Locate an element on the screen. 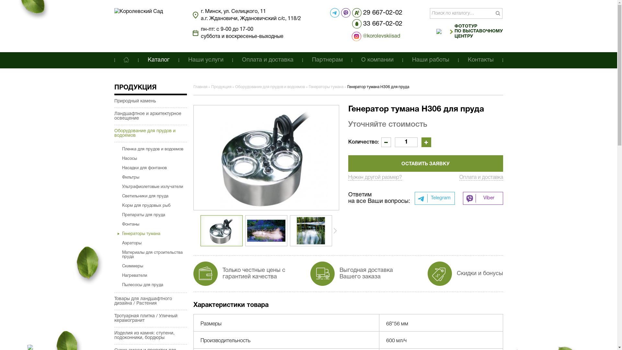  'generator-tumana-h306-dlya-pruda' is located at coordinates (266, 157).